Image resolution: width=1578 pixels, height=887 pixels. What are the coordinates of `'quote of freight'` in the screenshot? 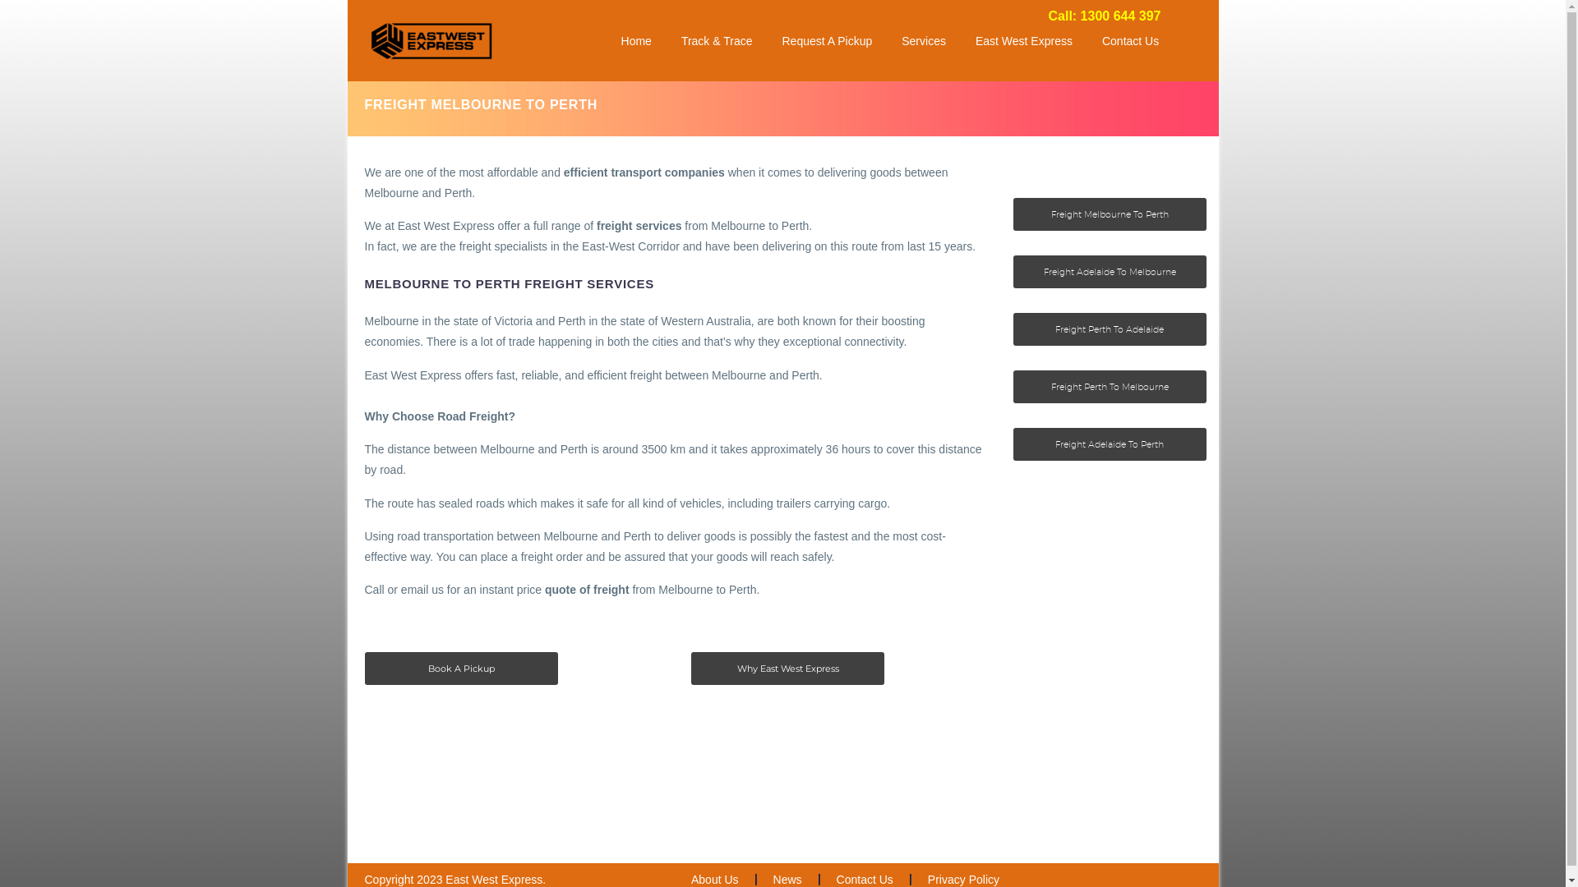 It's located at (587, 588).